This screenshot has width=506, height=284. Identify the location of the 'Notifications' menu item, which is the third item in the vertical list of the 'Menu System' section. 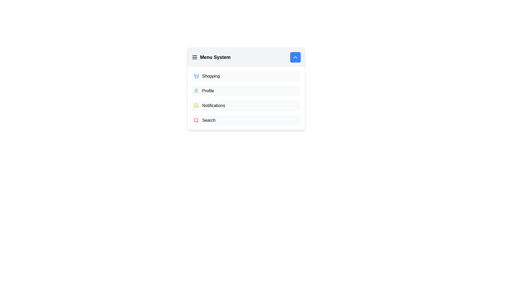
(246, 105).